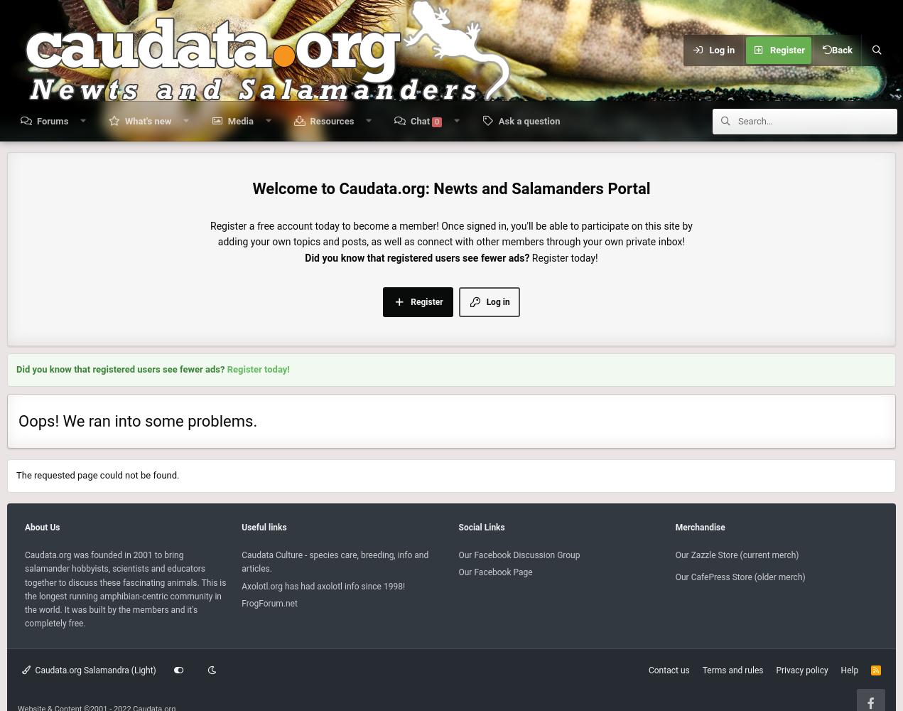  Describe the element at coordinates (323, 585) in the screenshot. I see `'Axolotl.org has had axolotl info since 1998!'` at that location.